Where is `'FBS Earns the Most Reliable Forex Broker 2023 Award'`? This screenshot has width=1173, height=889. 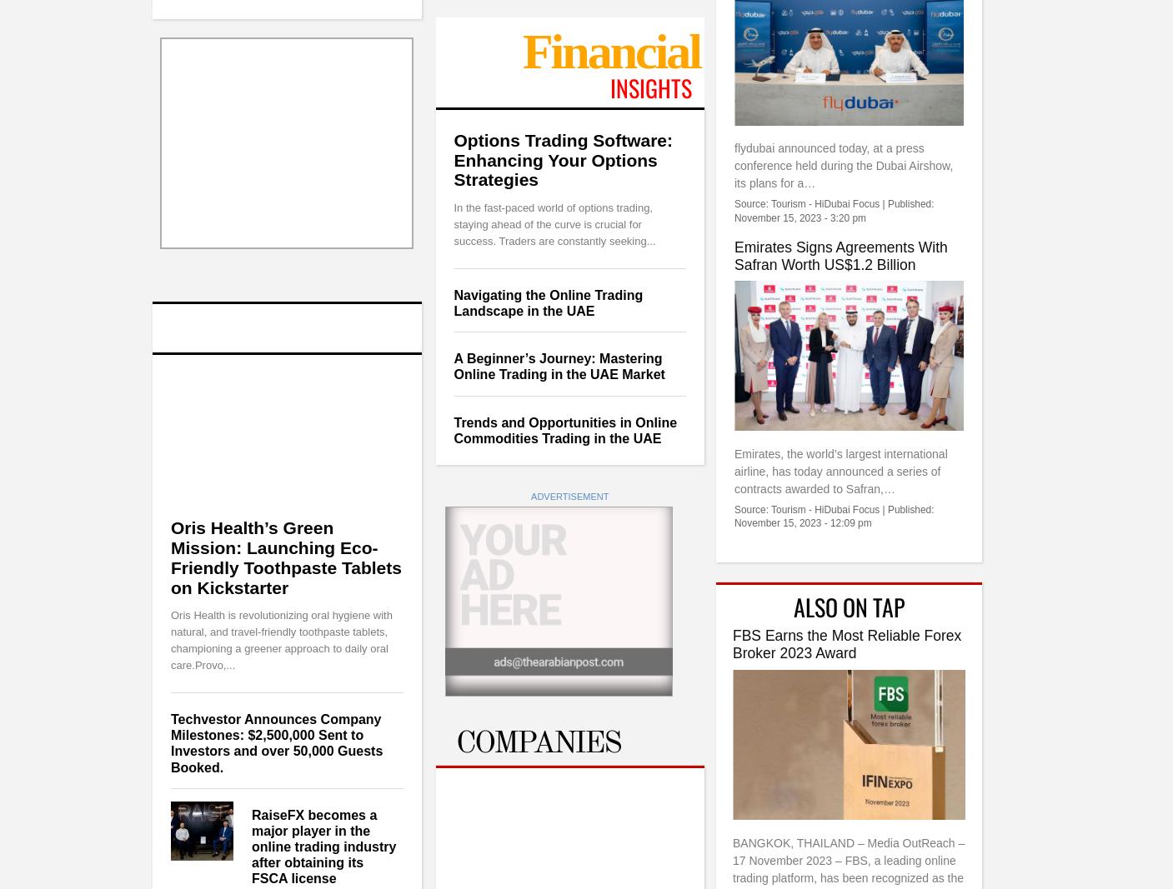
'FBS Earns the Most Reliable Forex Broker 2023 Award' is located at coordinates (845, 643).